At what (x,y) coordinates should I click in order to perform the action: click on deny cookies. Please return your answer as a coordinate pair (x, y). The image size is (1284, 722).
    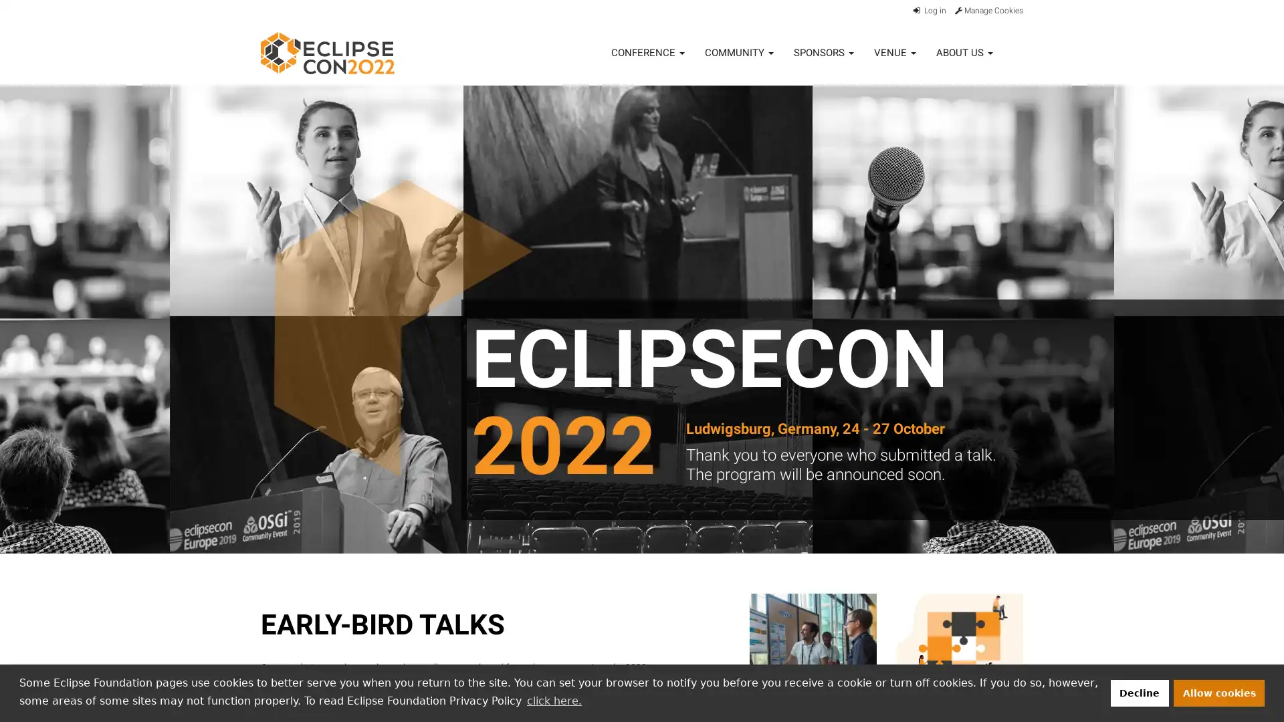
    Looking at the image, I should click on (1138, 692).